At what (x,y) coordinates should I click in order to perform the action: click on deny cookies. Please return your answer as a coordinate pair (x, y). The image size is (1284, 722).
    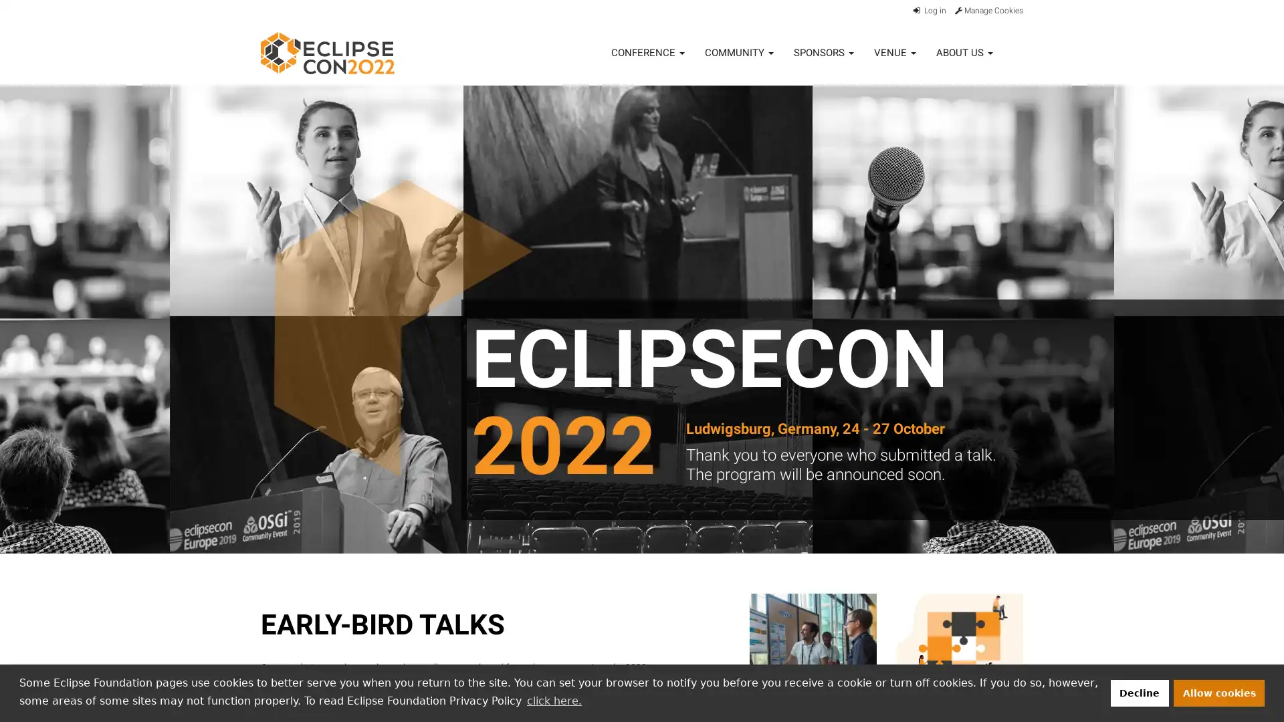
    Looking at the image, I should click on (1138, 692).